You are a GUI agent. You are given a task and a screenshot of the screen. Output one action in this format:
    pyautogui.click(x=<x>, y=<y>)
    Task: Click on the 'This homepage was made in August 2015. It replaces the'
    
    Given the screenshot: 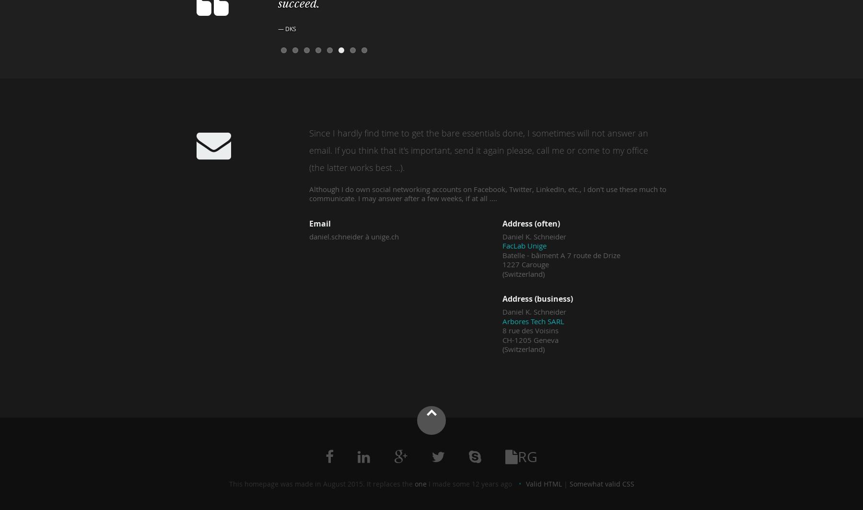 What is the action you would take?
    pyautogui.click(x=321, y=483)
    